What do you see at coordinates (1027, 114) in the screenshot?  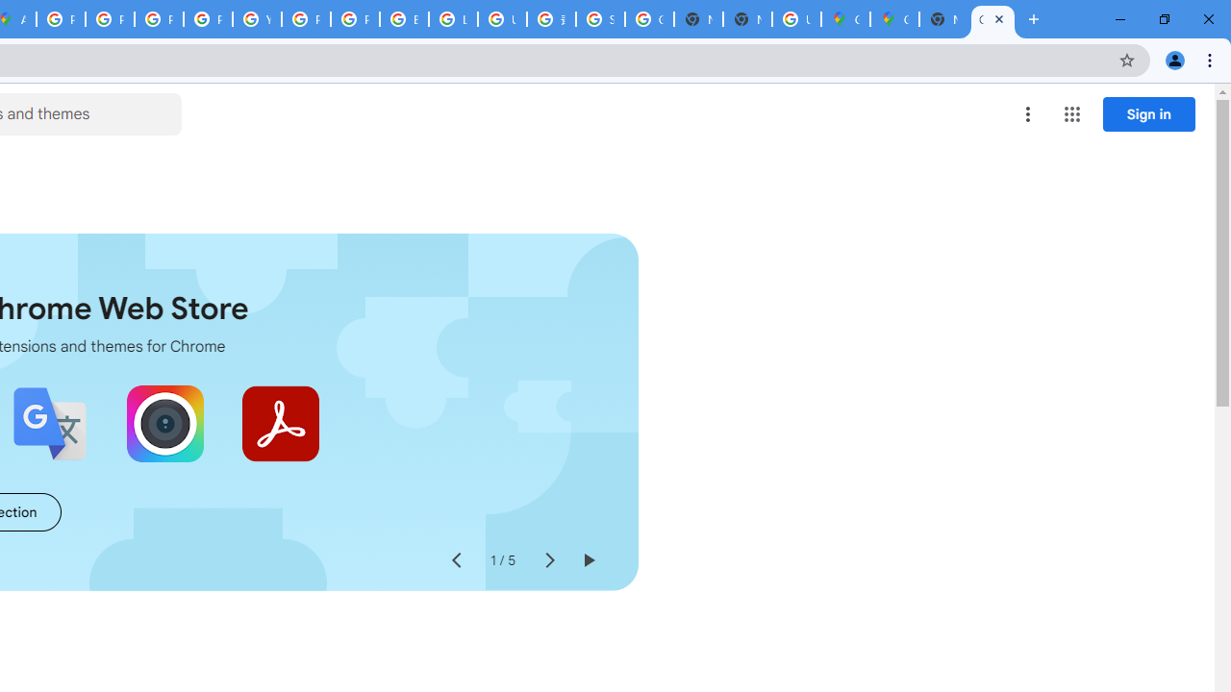 I see `'More options menu'` at bounding box center [1027, 114].